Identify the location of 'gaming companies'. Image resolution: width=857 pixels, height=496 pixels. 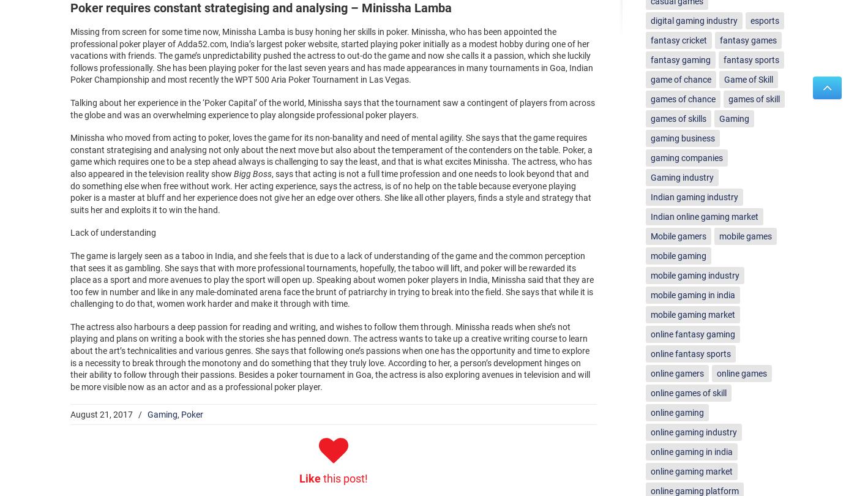
(686, 157).